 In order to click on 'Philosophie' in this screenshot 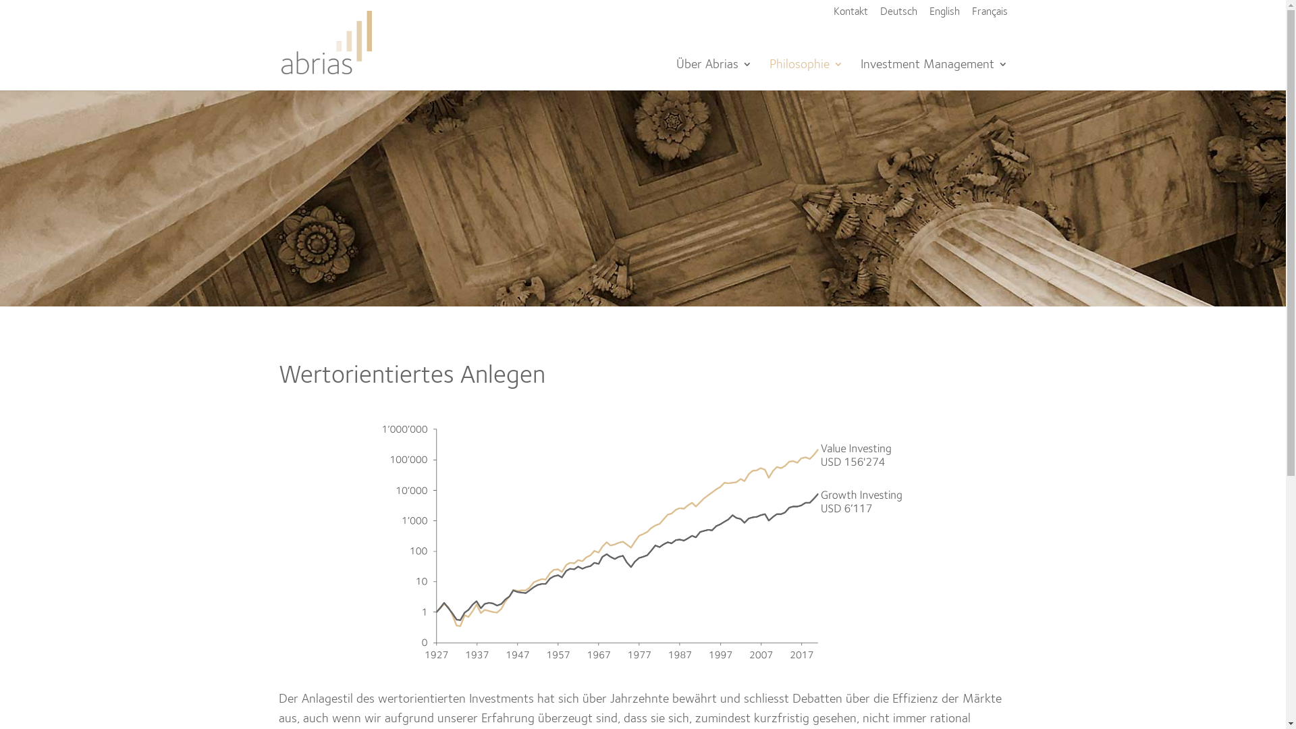, I will do `click(806, 75)`.